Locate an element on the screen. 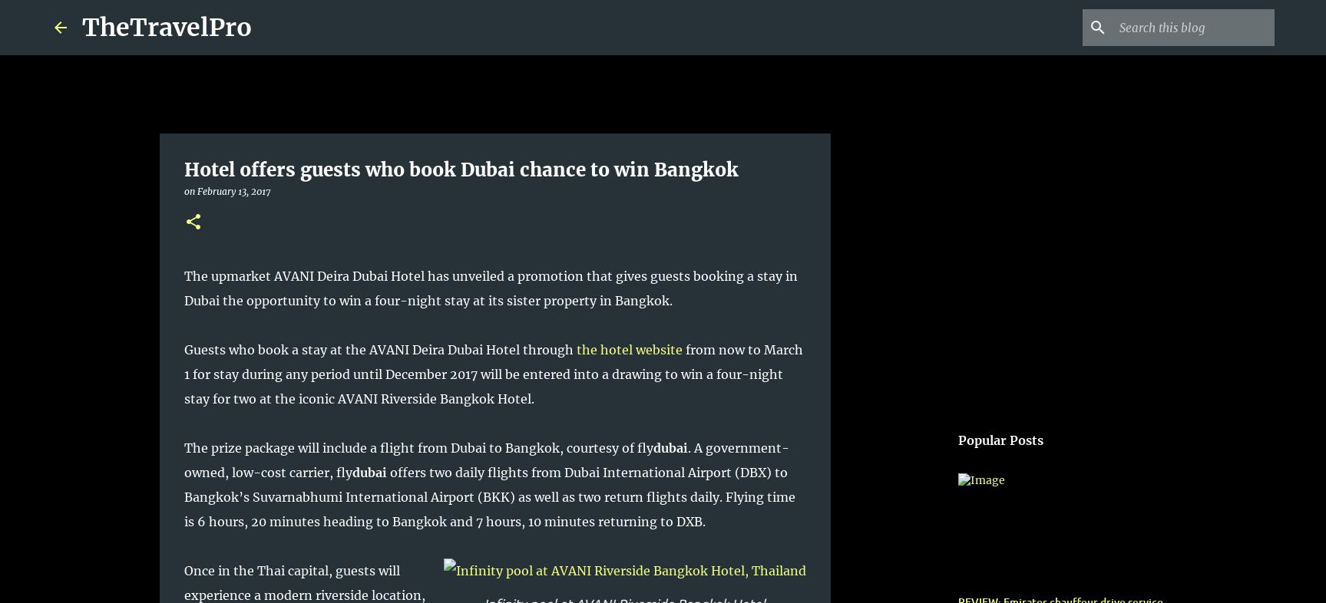 The image size is (1326, 603). 'February 13, 2017' is located at coordinates (232, 191).